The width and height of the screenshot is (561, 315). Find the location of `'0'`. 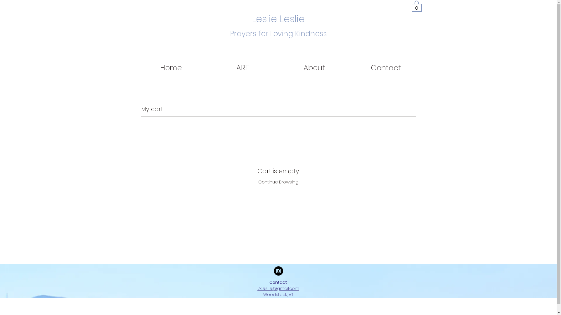

'0' is located at coordinates (416, 6).